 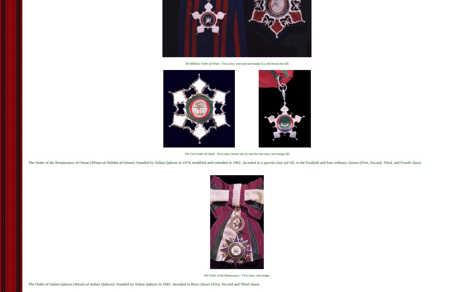 I want to click on 'The Military Order of Oman - First class, sash and sash badge (L), and breast star (R)', so click(x=236, y=63).